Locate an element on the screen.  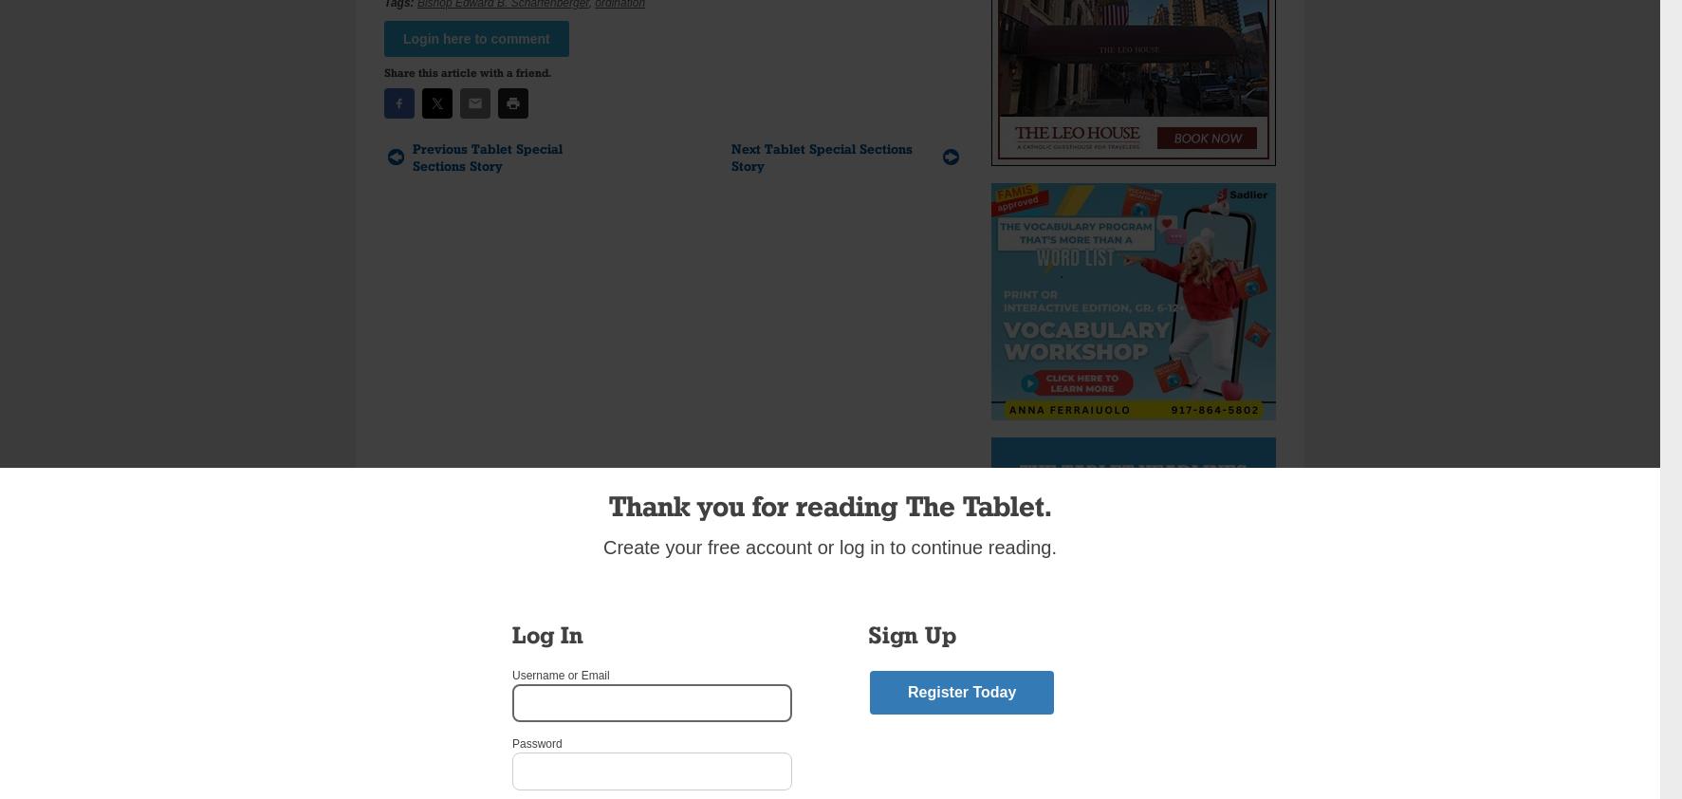
'More info' is located at coordinates (1162, 618).